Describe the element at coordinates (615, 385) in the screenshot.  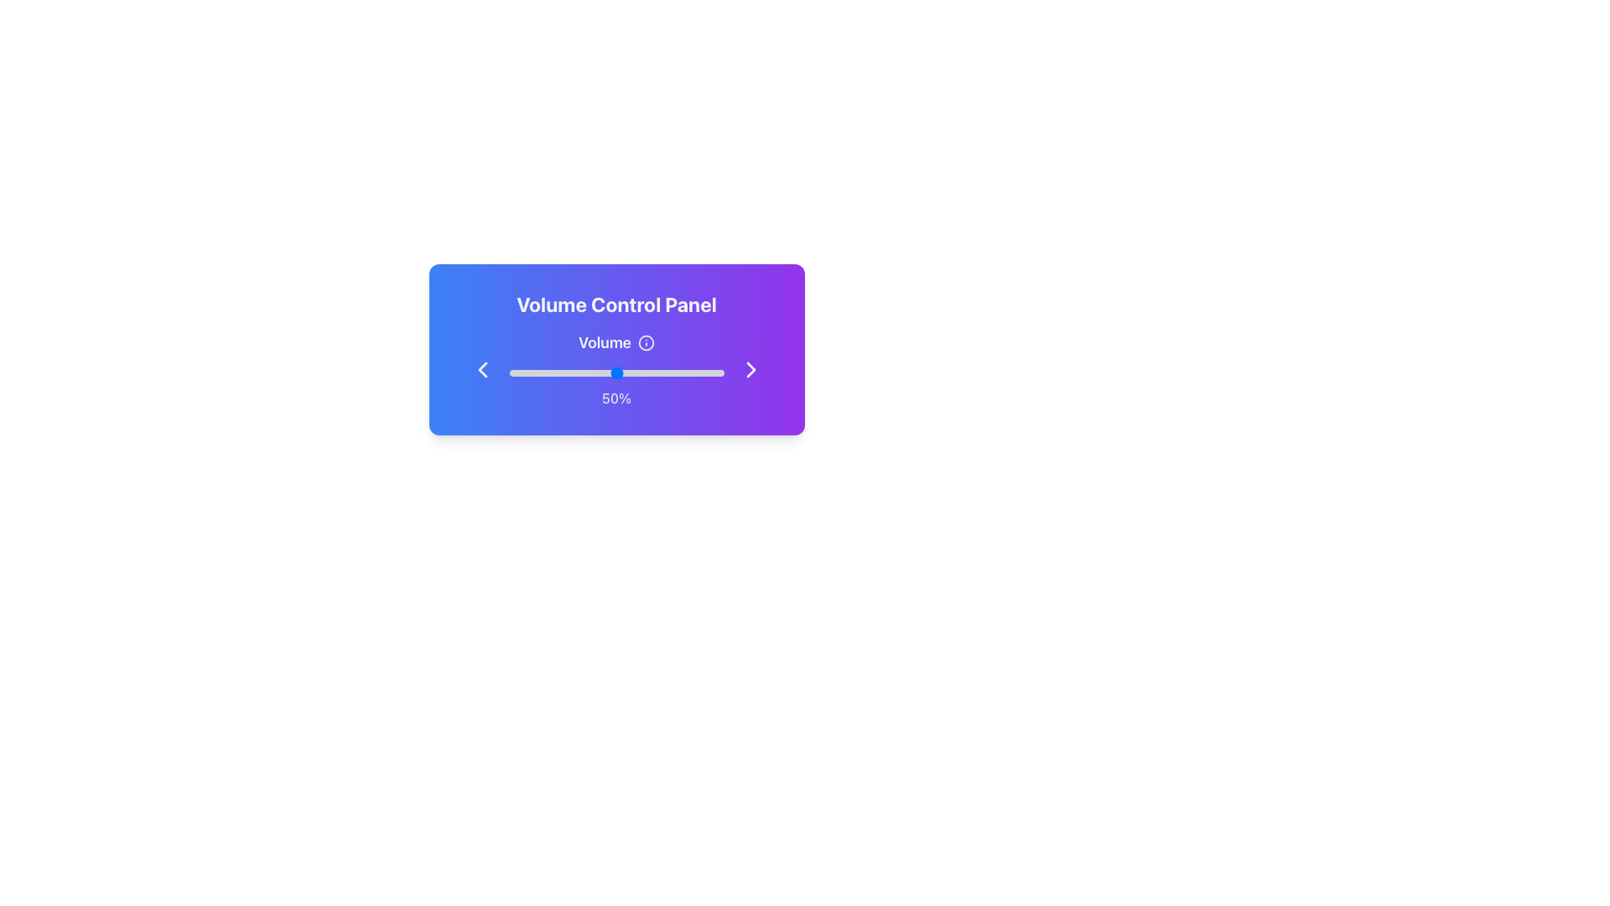
I see `the text label displaying the current slider value of 50% located at the bottom center of the volume control slider` at that location.